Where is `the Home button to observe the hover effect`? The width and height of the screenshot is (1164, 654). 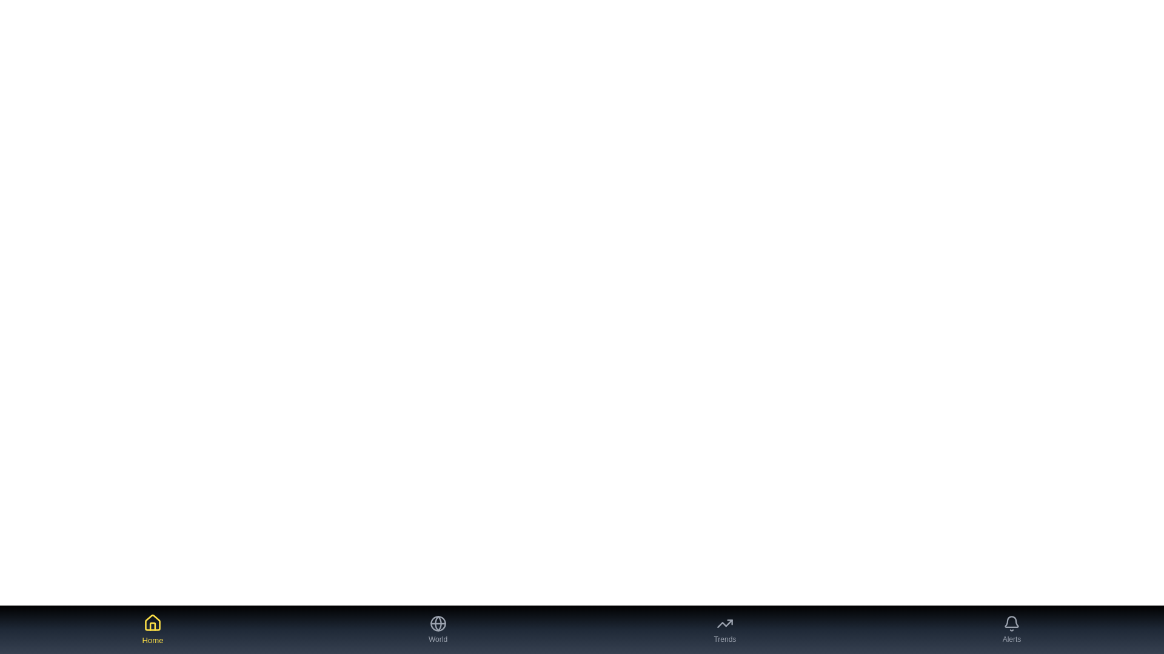 the Home button to observe the hover effect is located at coordinates (152, 629).